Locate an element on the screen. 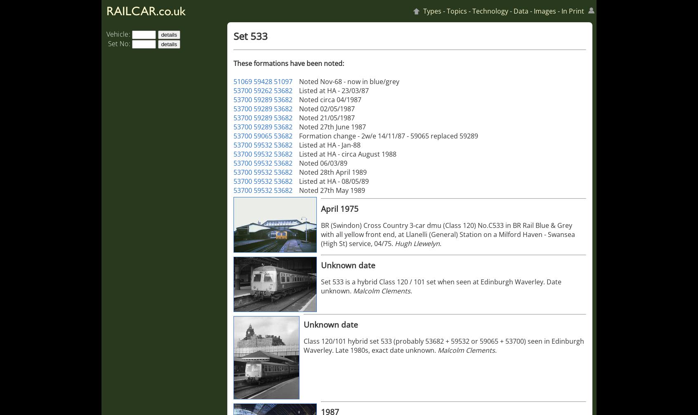 Image resolution: width=698 pixels, height=415 pixels. 'Set No:' is located at coordinates (118, 44).